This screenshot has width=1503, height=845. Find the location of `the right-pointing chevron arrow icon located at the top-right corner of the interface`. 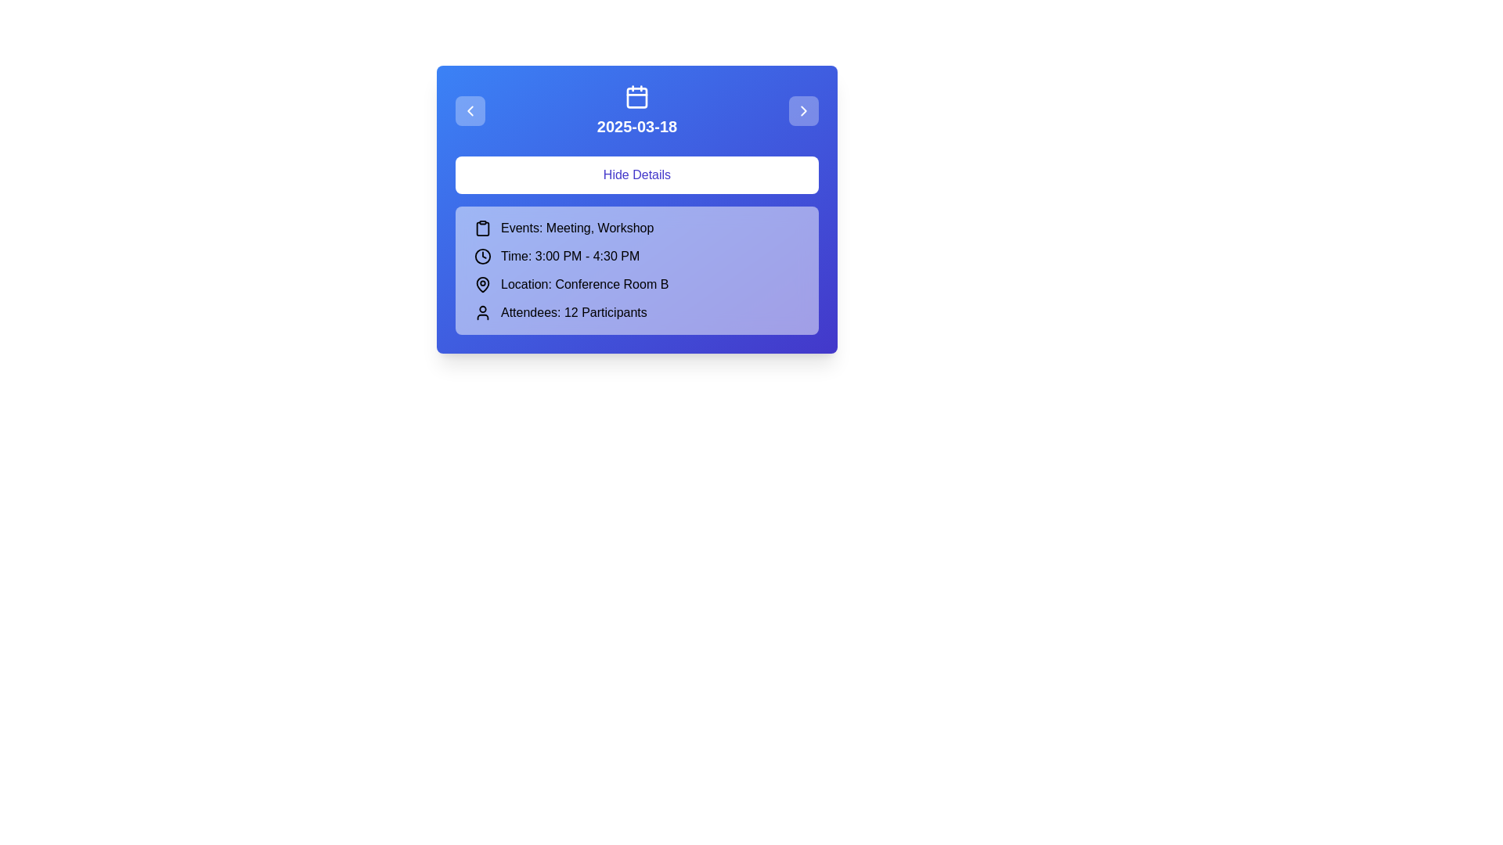

the right-pointing chevron arrow icon located at the top-right corner of the interface is located at coordinates (804, 110).